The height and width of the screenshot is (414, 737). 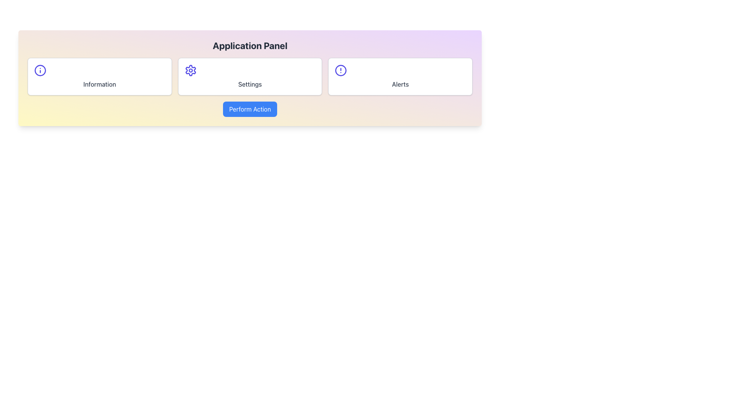 What do you see at coordinates (40, 71) in the screenshot?
I see `the blue circular SVG element located within the 'Information' icon on the leftmost side of the icon row` at bounding box center [40, 71].